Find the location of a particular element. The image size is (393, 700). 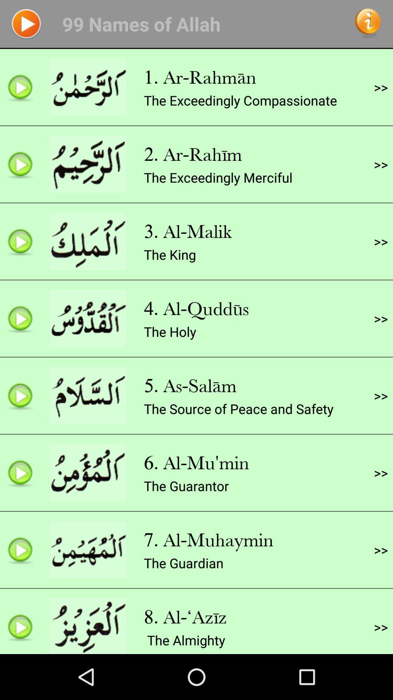

the icon next to the 99 names of icon is located at coordinates (368, 24).